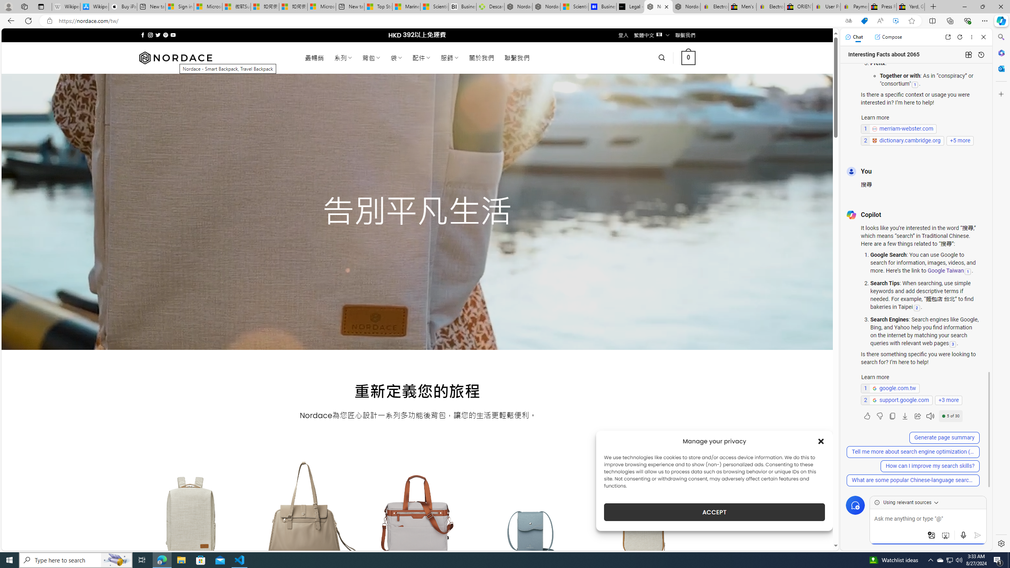  What do you see at coordinates (688, 57) in the screenshot?
I see `' 0 '` at bounding box center [688, 57].